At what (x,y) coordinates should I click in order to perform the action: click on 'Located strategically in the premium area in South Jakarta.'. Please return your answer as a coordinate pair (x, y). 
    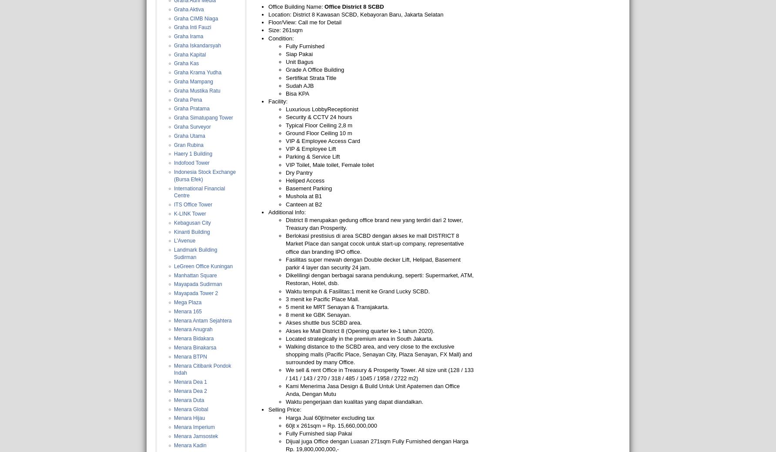
    Looking at the image, I should click on (358, 338).